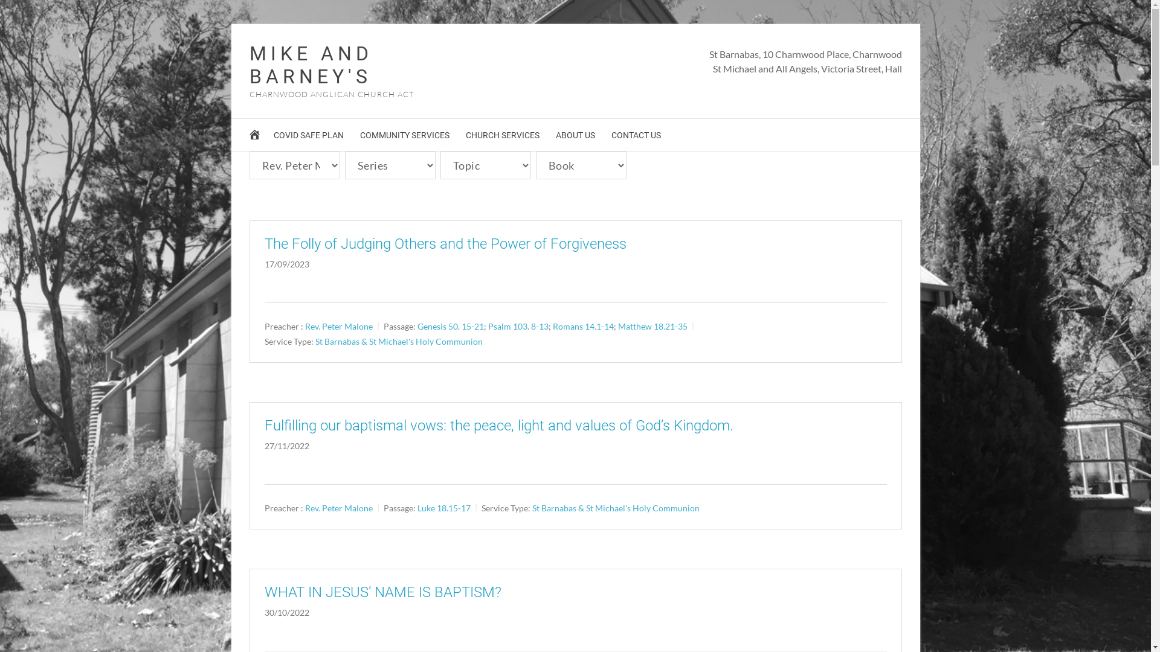 This screenshot has height=652, width=1160. I want to click on 'Genesis 50', so click(436, 326).